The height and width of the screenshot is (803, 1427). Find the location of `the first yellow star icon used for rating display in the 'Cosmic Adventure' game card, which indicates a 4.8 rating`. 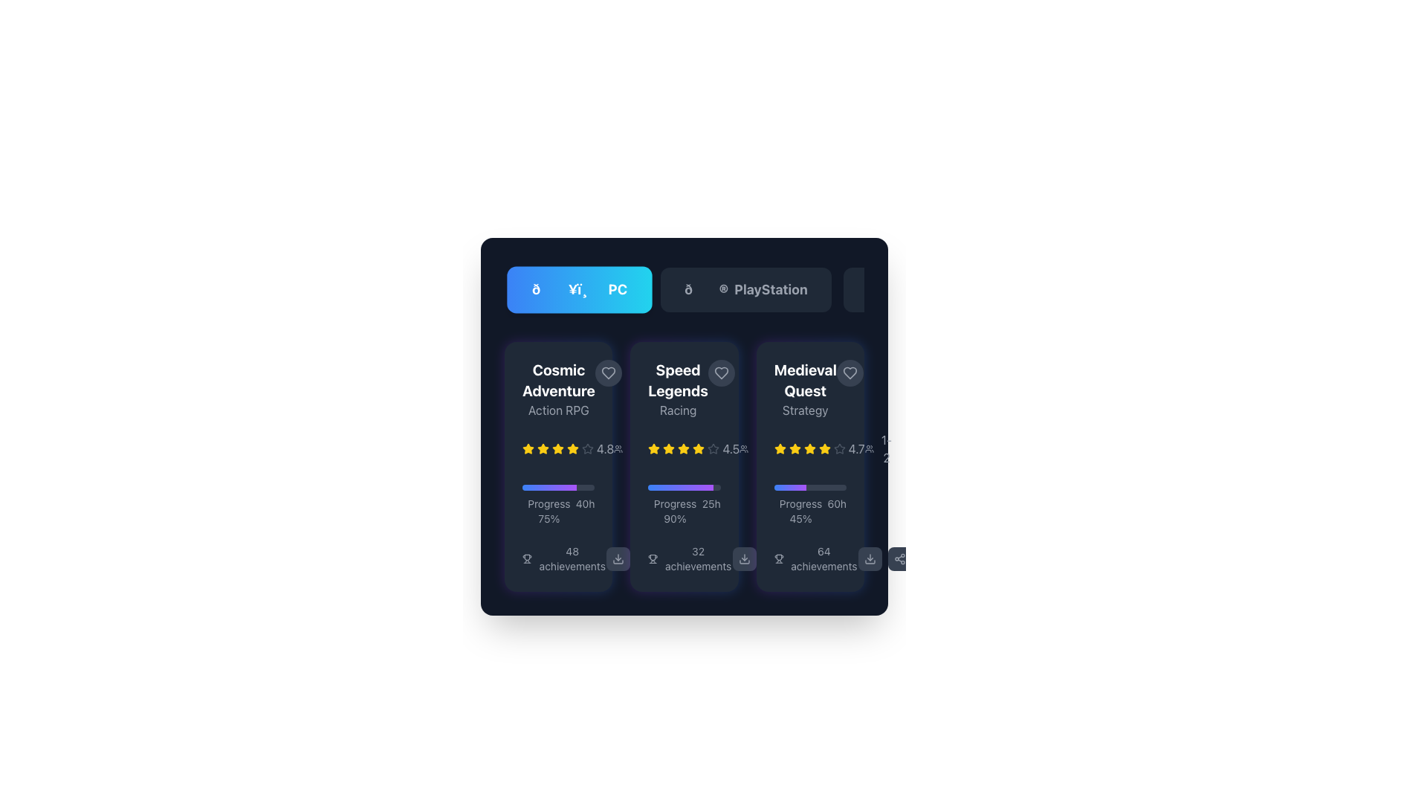

the first yellow star icon used for rating display in the 'Cosmic Adventure' game card, which indicates a 4.8 rating is located at coordinates (528, 448).